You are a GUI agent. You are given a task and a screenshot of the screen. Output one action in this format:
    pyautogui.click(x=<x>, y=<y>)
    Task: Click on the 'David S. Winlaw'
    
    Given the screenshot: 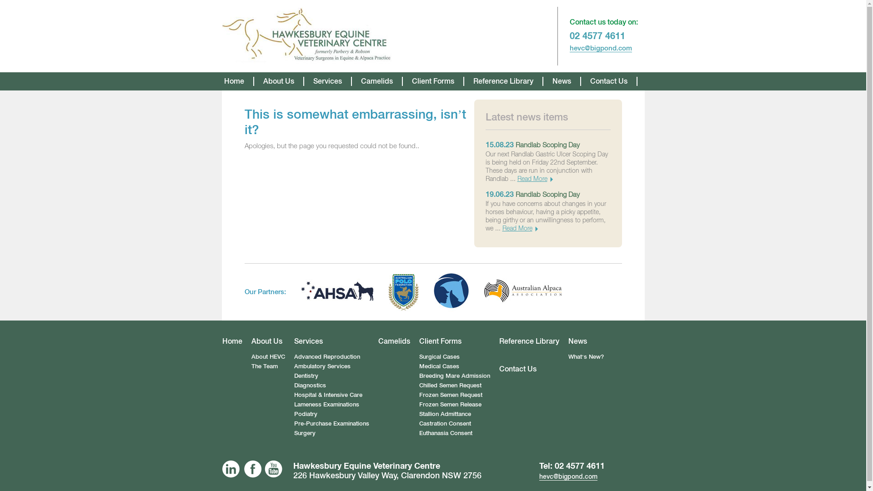 What is the action you would take?
    pyautogui.click(x=307, y=35)
    